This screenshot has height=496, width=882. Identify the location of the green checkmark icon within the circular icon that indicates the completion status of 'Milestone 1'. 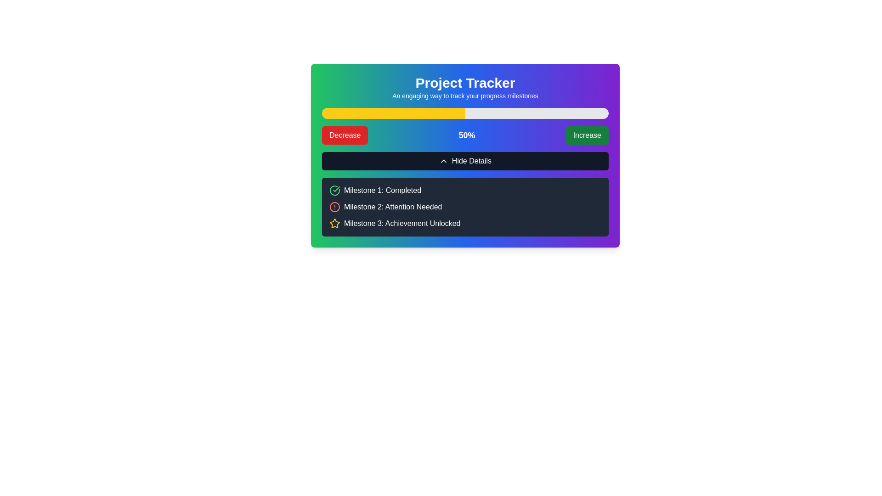
(336, 189).